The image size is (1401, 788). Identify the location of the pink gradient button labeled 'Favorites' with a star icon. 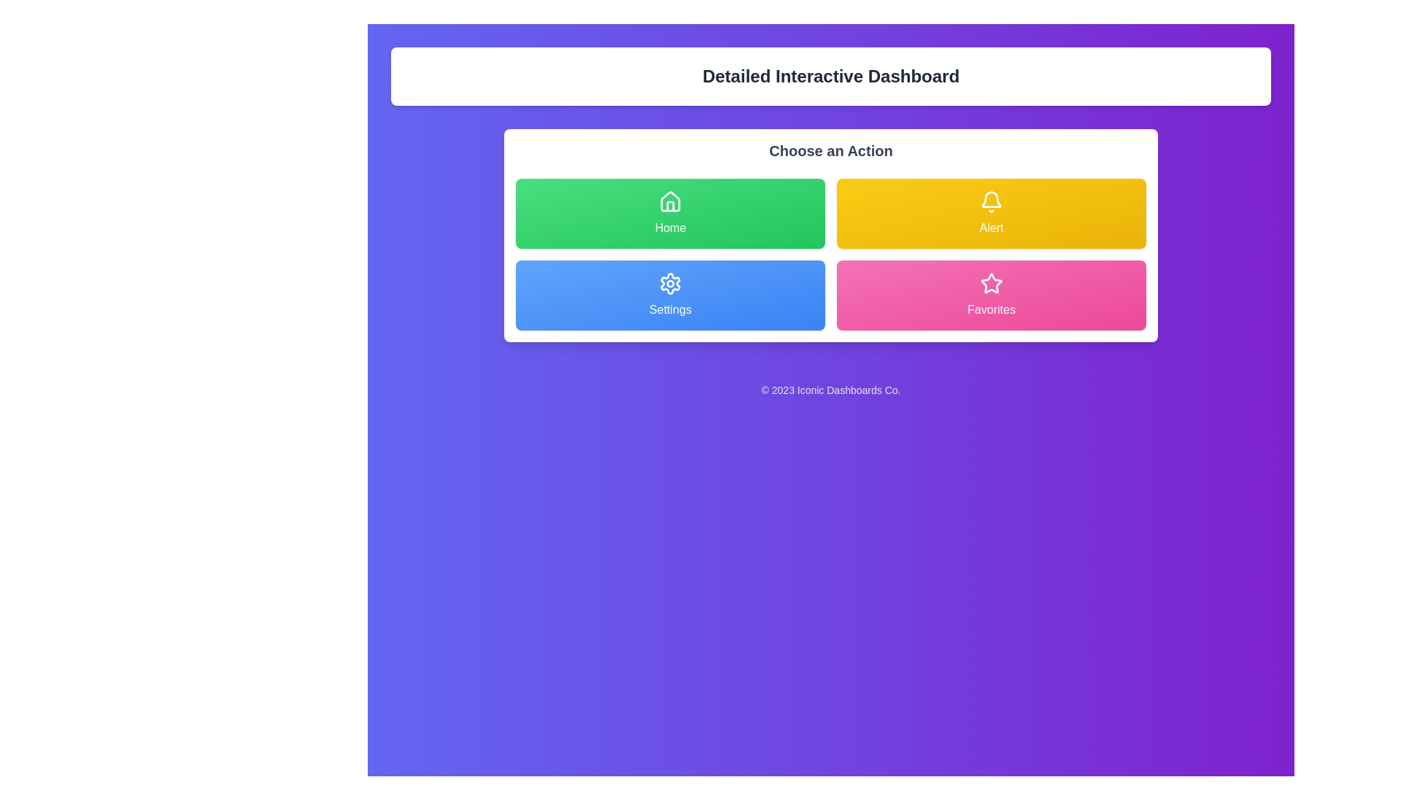
(991, 295).